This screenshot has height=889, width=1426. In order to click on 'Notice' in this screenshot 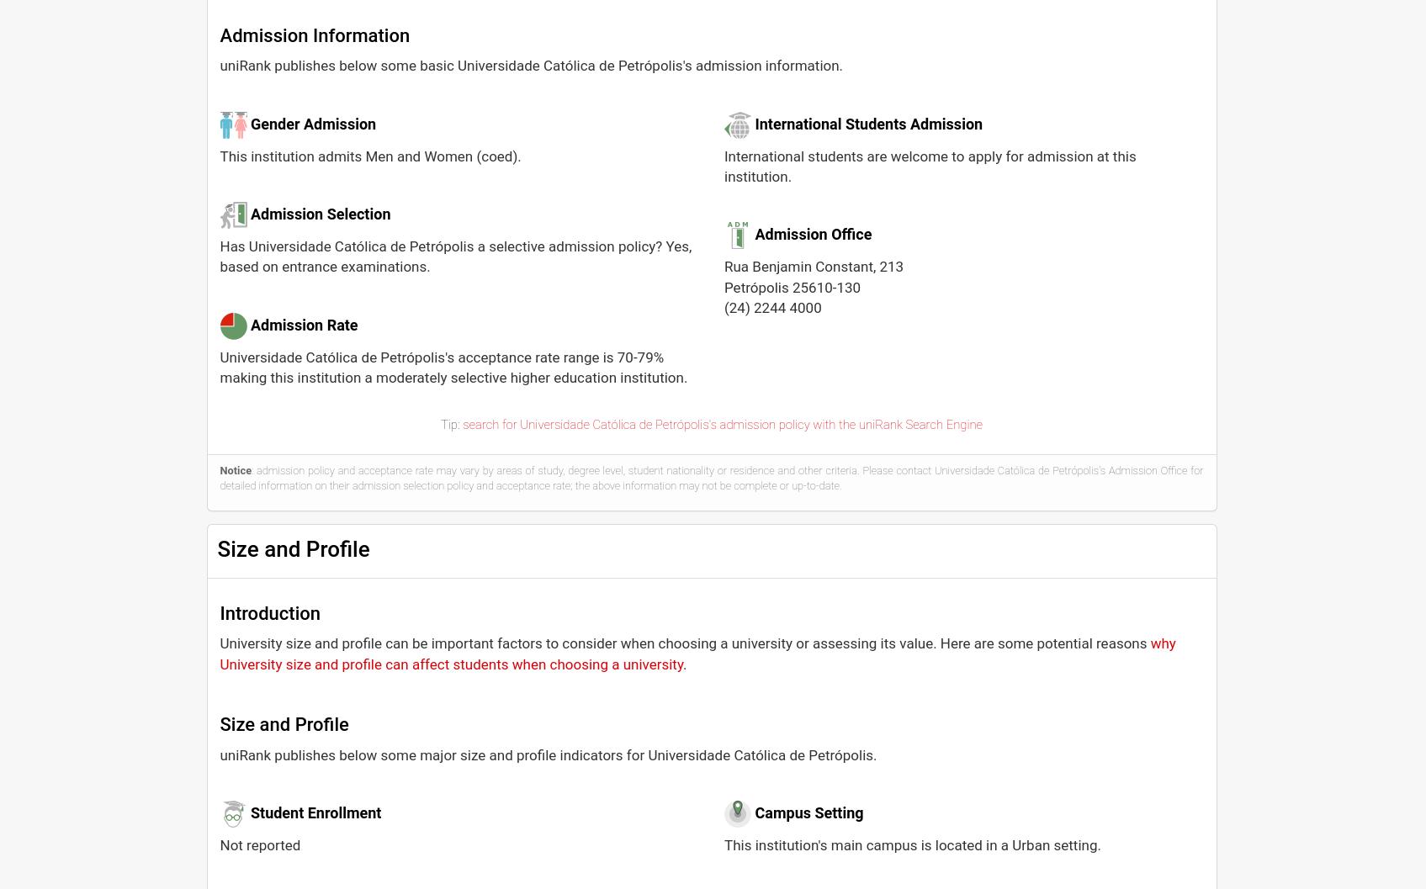, I will do `click(236, 469)`.